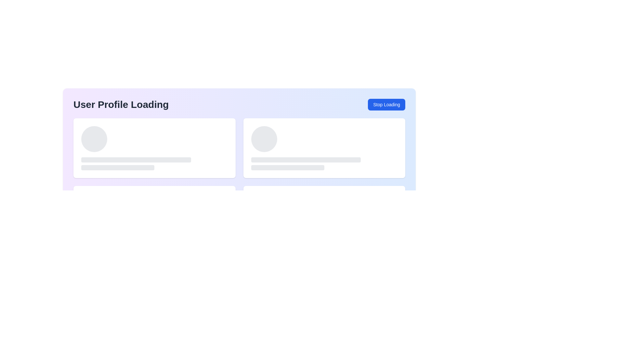  I want to click on the Loading Placeholder Component, which visually represents a placeholder for loading content, positioned on the right side of a horizontal layout next to a similar section on the left and adjacent to a 'Stop Loading' button, so click(324, 148).